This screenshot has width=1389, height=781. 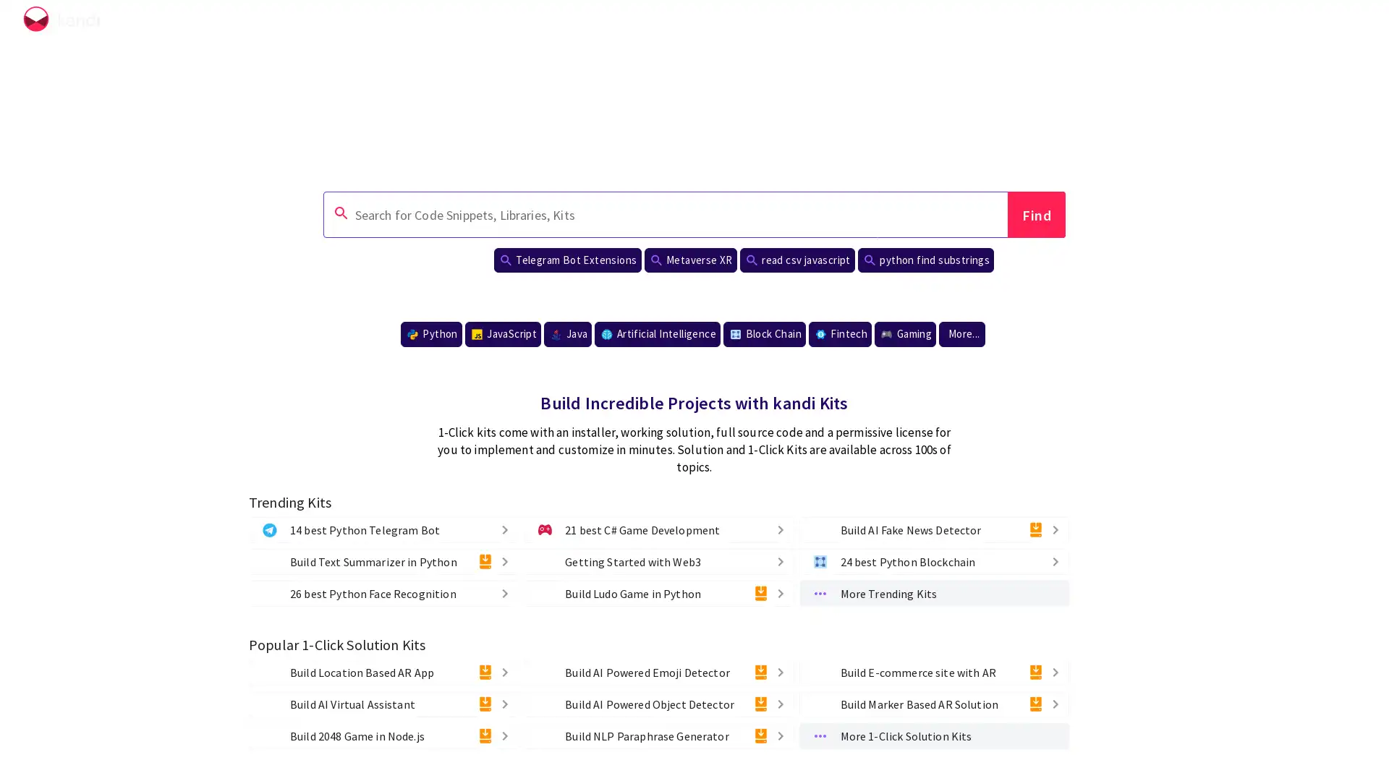 I want to click on delete, so click(x=779, y=672).